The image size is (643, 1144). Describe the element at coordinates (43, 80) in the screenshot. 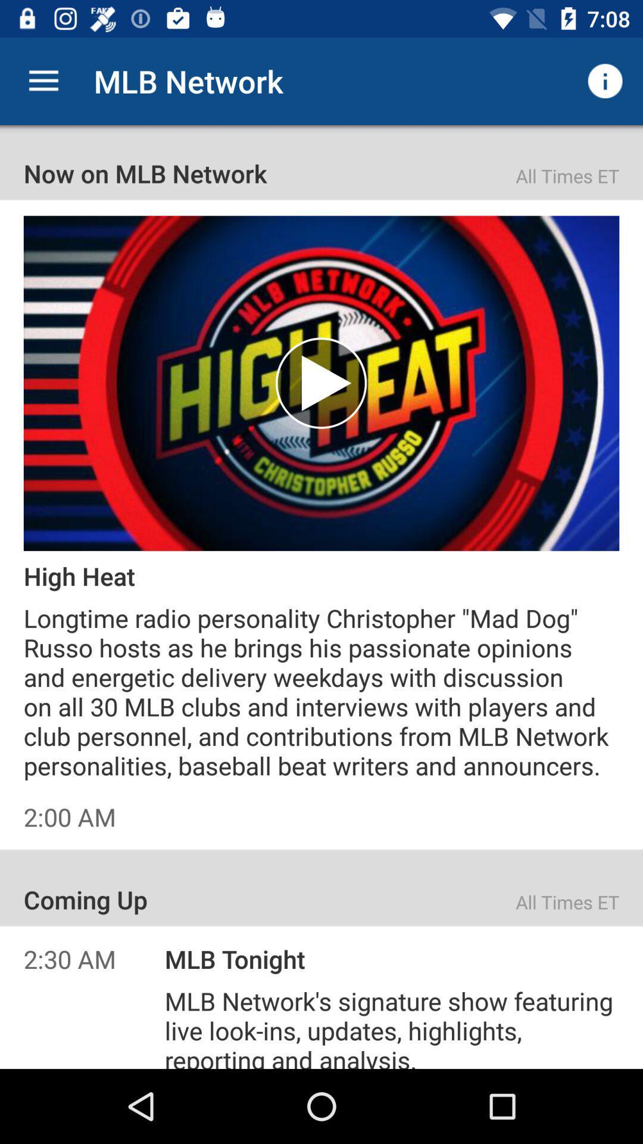

I see `the app next to the mlb network` at that location.